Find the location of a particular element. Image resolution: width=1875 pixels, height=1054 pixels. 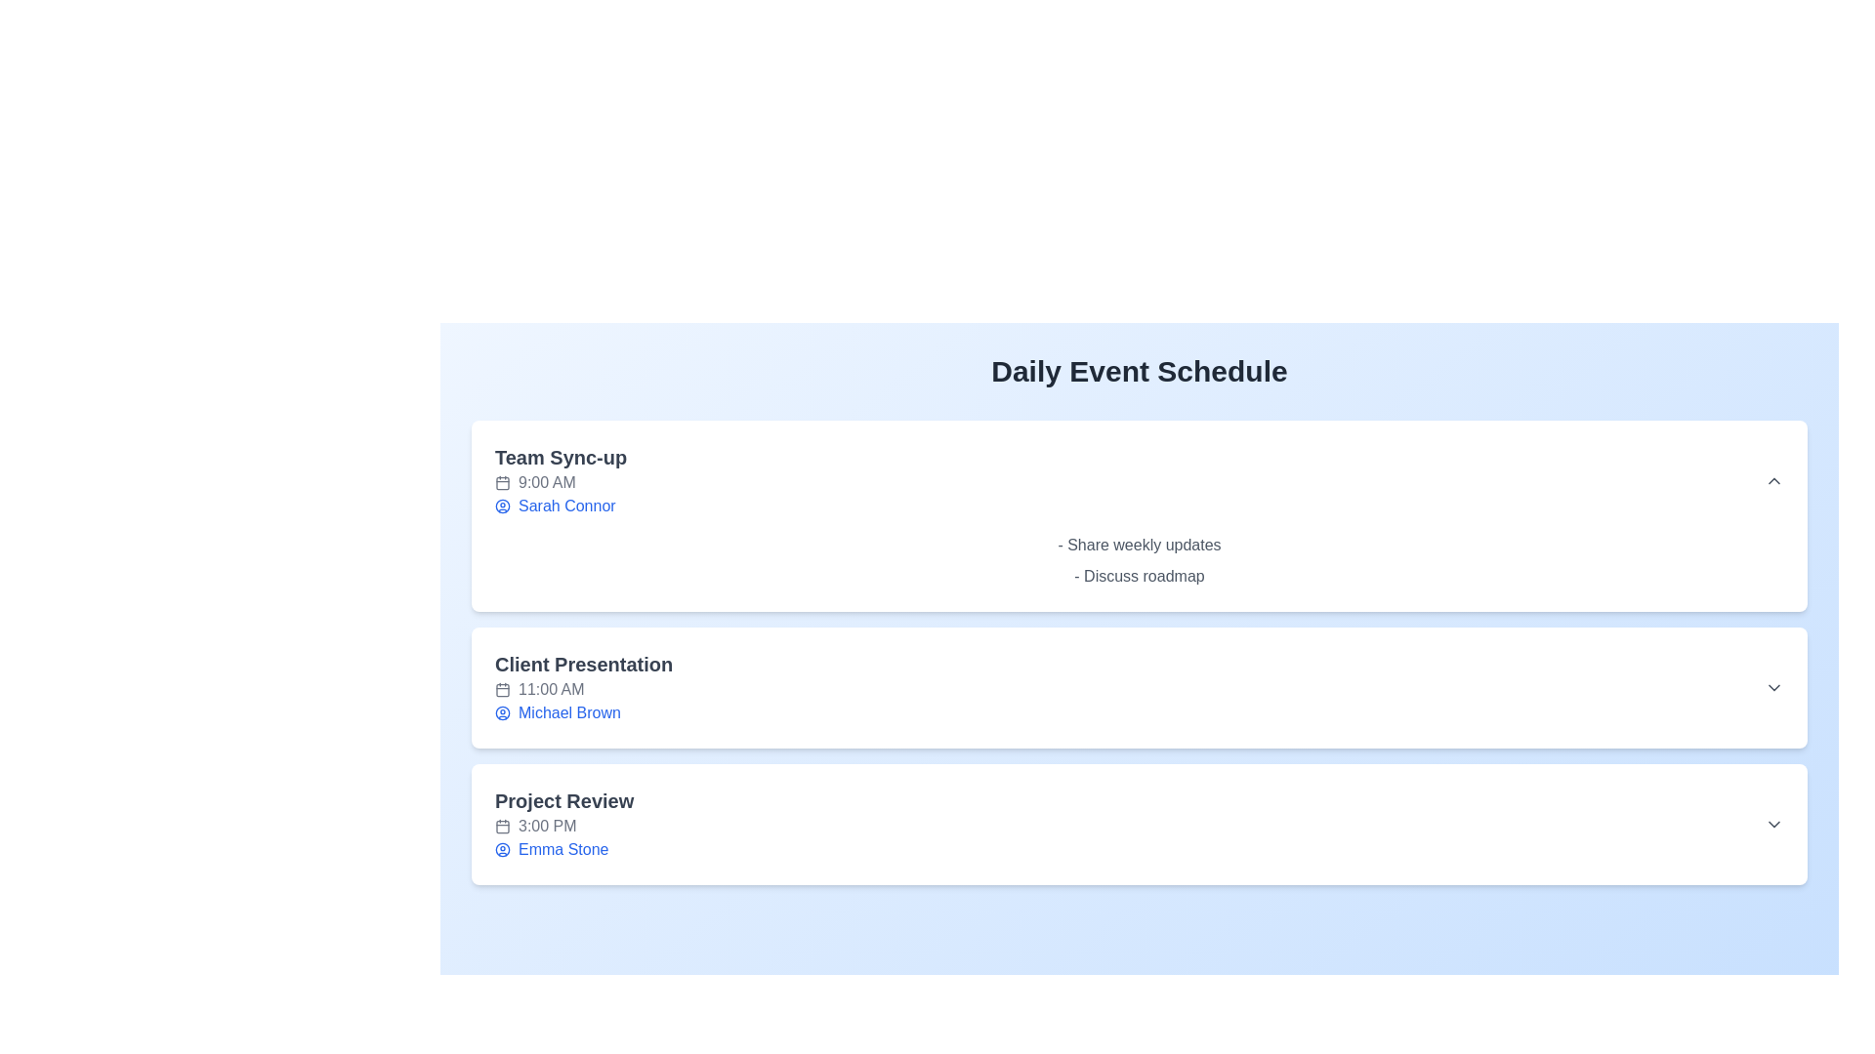

the 'Client Presentation' ListItem element is located at coordinates (1139, 687).